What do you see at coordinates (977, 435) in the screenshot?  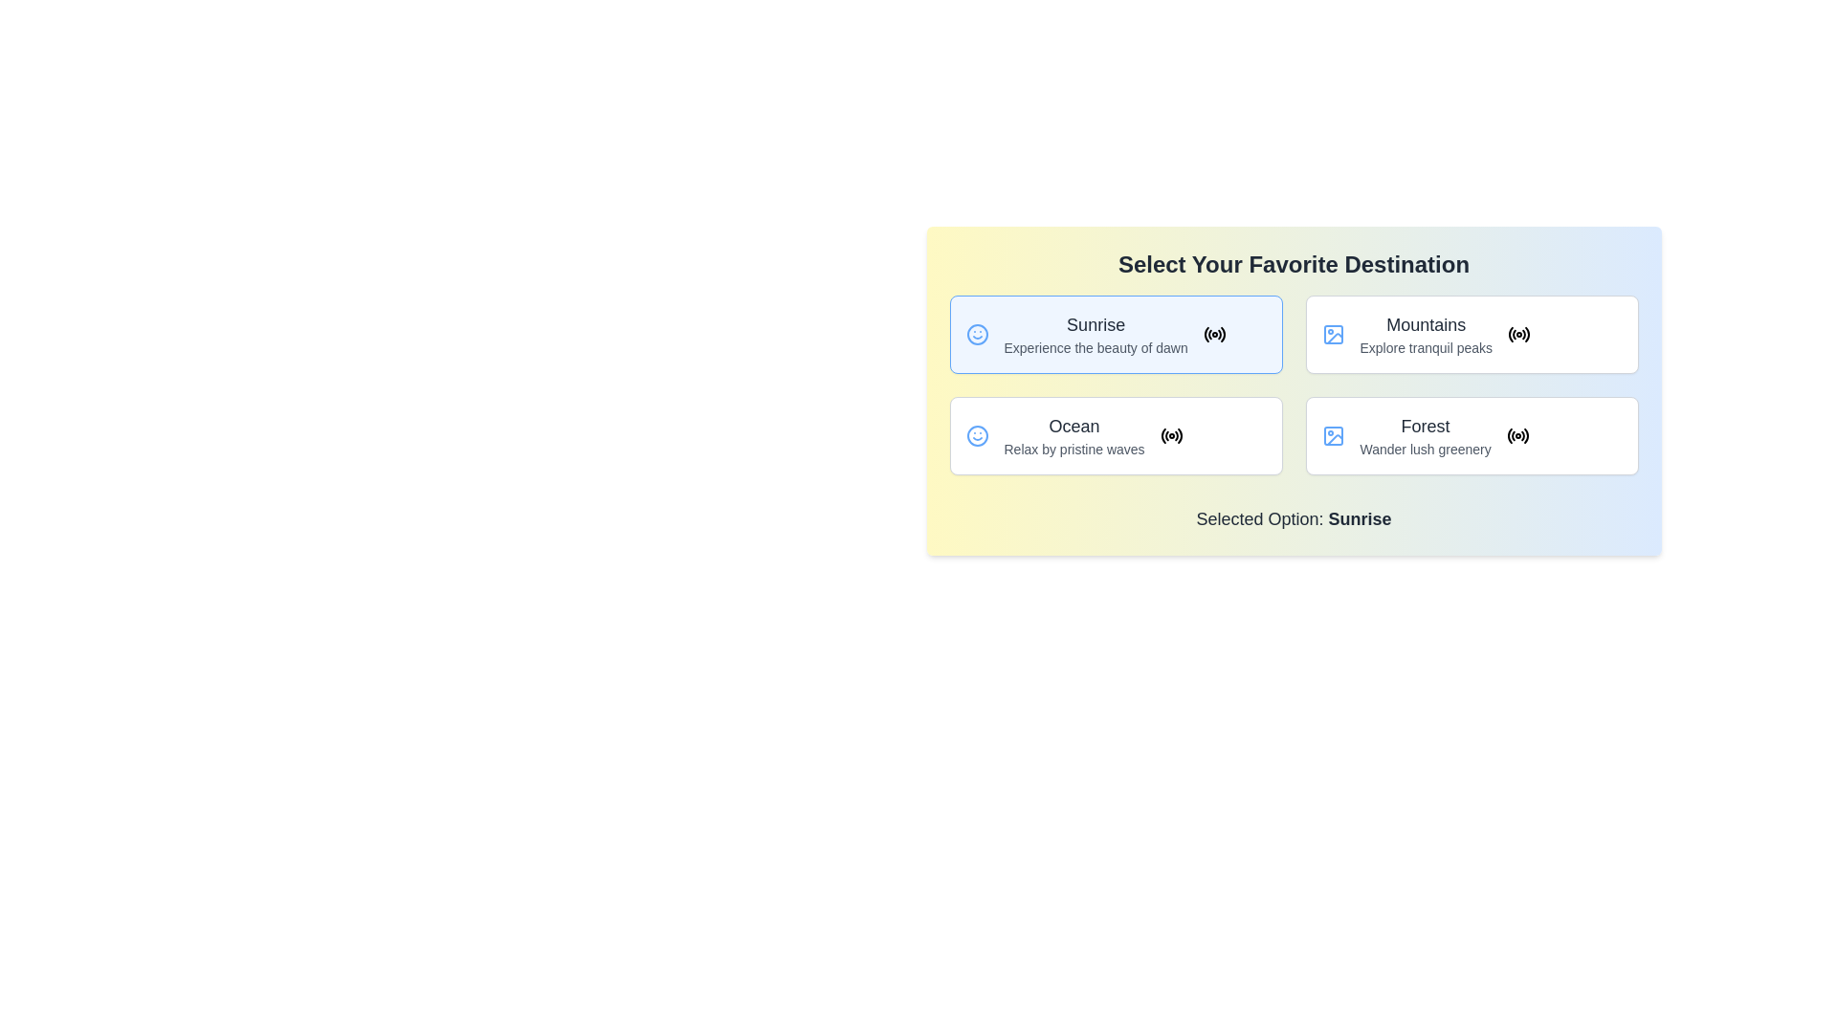 I see `the blue smiley face icon located in the upper-left corner of the 'Ocean Relax by pristine waves' card for accessibility navigation` at bounding box center [977, 435].